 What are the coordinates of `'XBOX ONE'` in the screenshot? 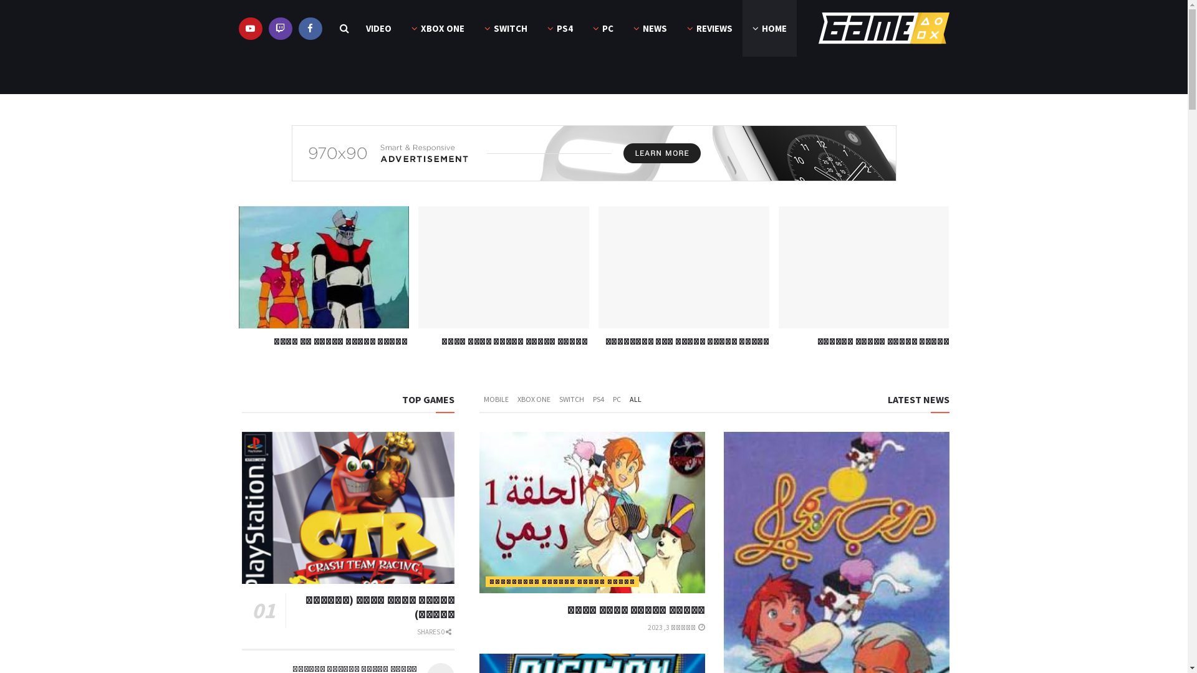 It's located at (534, 399).